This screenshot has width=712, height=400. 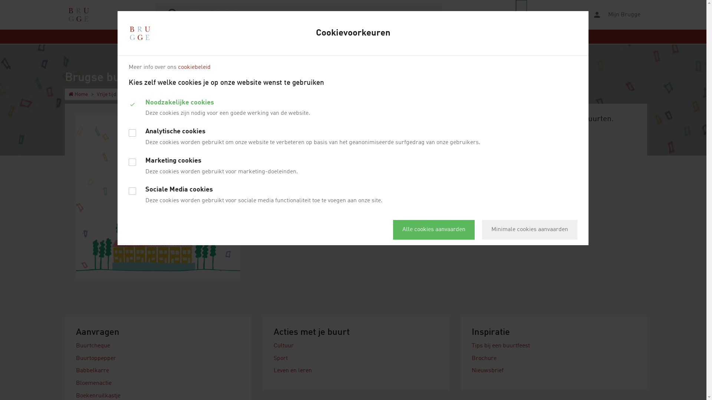 What do you see at coordinates (501, 346) in the screenshot?
I see `'Tips bij een buurtfeest'` at bounding box center [501, 346].